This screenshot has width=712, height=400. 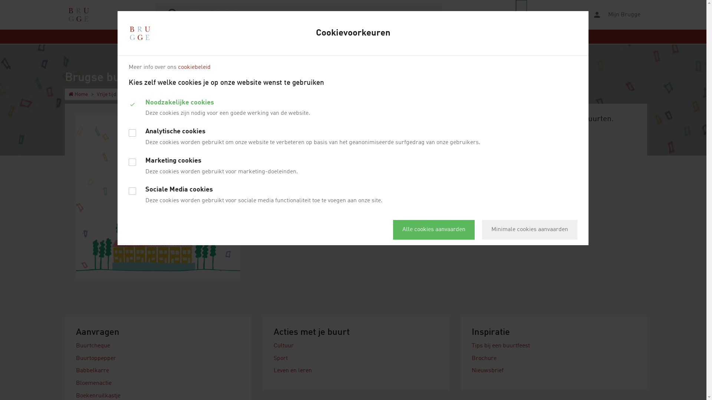 What do you see at coordinates (501, 346) in the screenshot?
I see `'Tips bij een buurtfeest'` at bounding box center [501, 346].